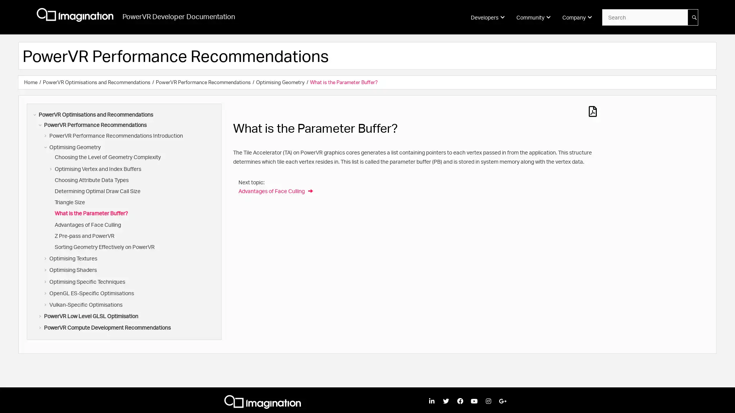 Image resolution: width=735 pixels, height=413 pixels. What do you see at coordinates (46, 258) in the screenshot?
I see `Expand Optimising Textures` at bounding box center [46, 258].